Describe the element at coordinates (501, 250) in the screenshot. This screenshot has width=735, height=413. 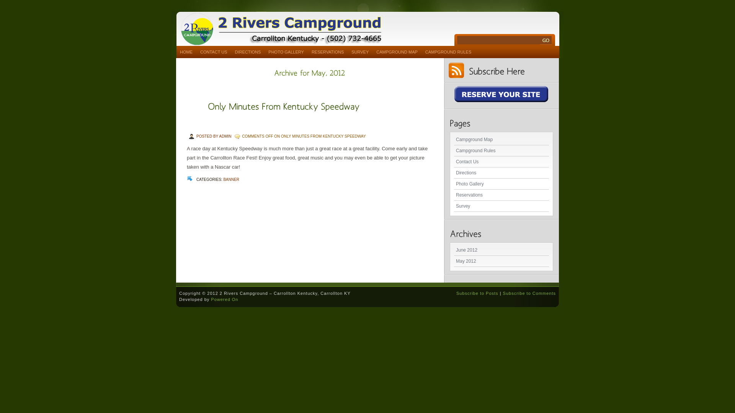
I see `'June 2012'` at that location.